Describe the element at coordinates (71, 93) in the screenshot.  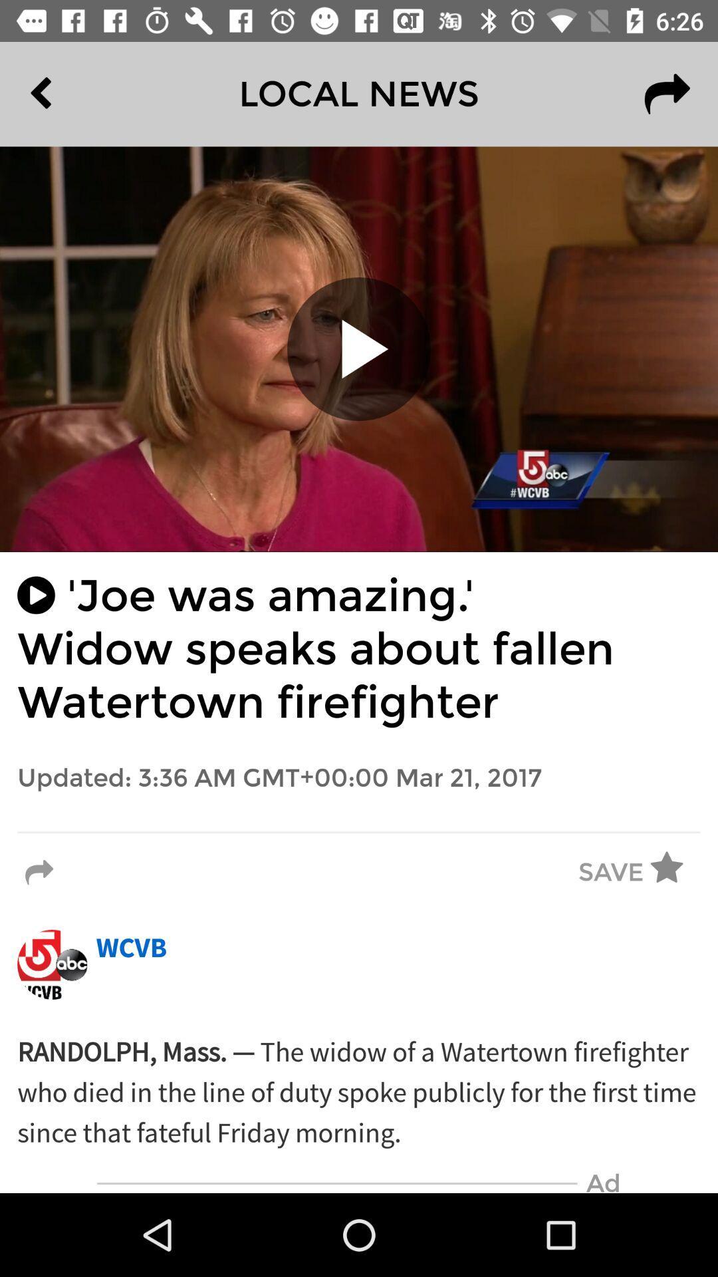
I see `item next to local news item` at that location.